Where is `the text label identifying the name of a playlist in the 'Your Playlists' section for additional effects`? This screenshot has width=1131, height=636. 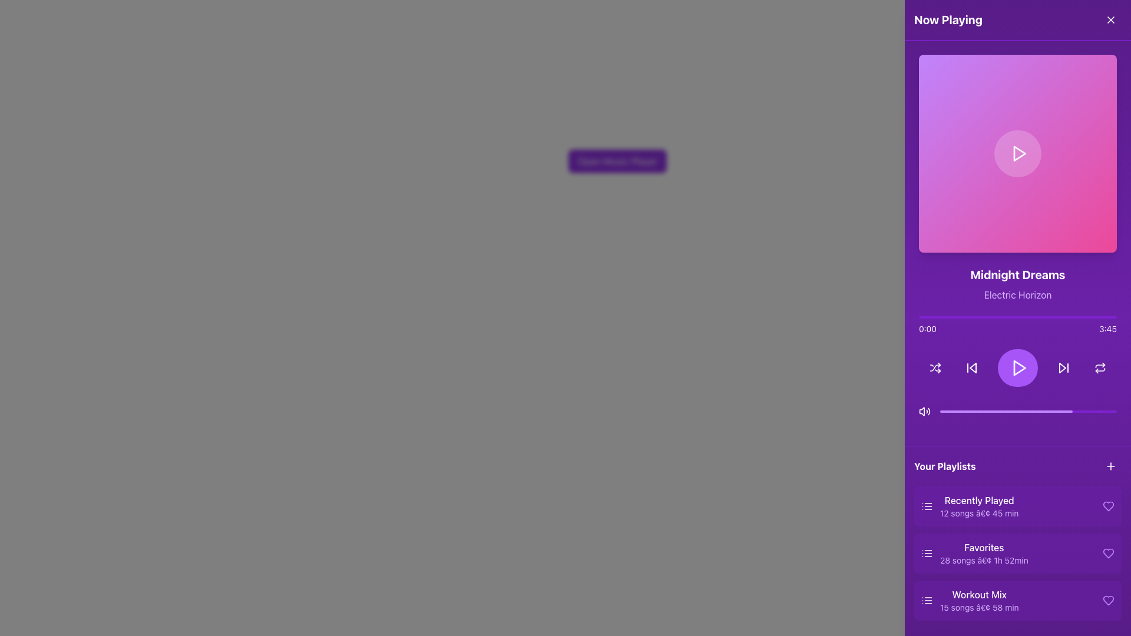 the text label identifying the name of a playlist in the 'Your Playlists' section for additional effects is located at coordinates (984, 547).